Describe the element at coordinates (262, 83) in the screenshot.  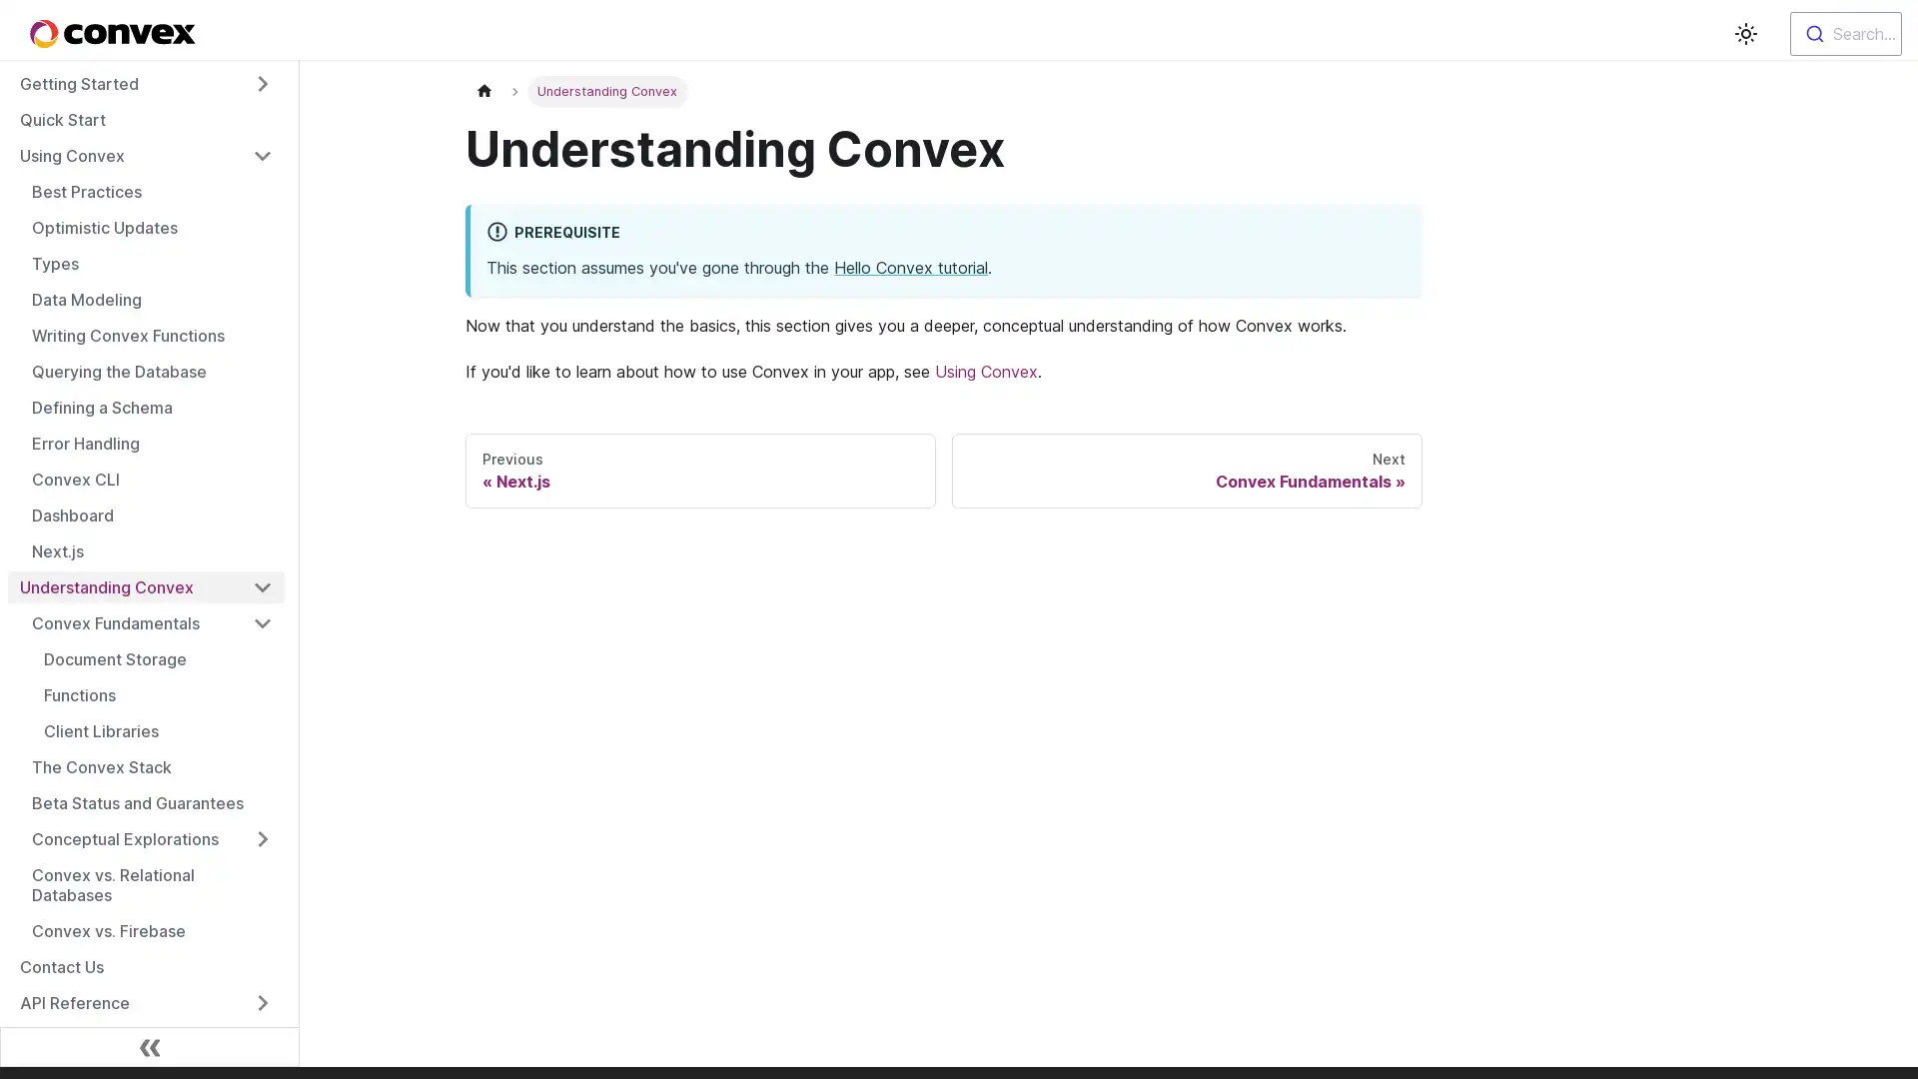
I see `Toggle the collapsible sidebar category 'Getting Started'` at that location.